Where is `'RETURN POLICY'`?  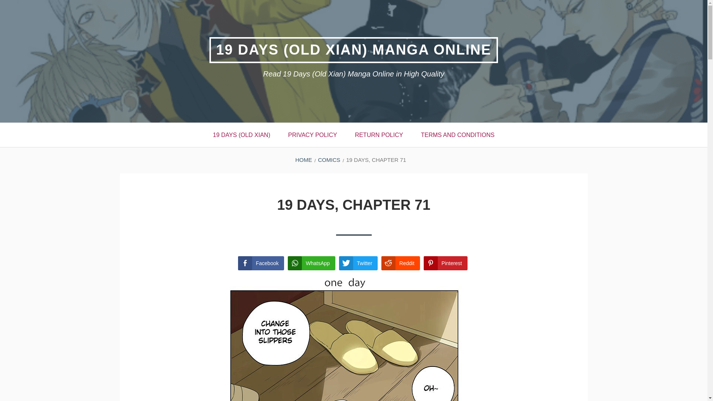 'RETURN POLICY' is located at coordinates (379, 135).